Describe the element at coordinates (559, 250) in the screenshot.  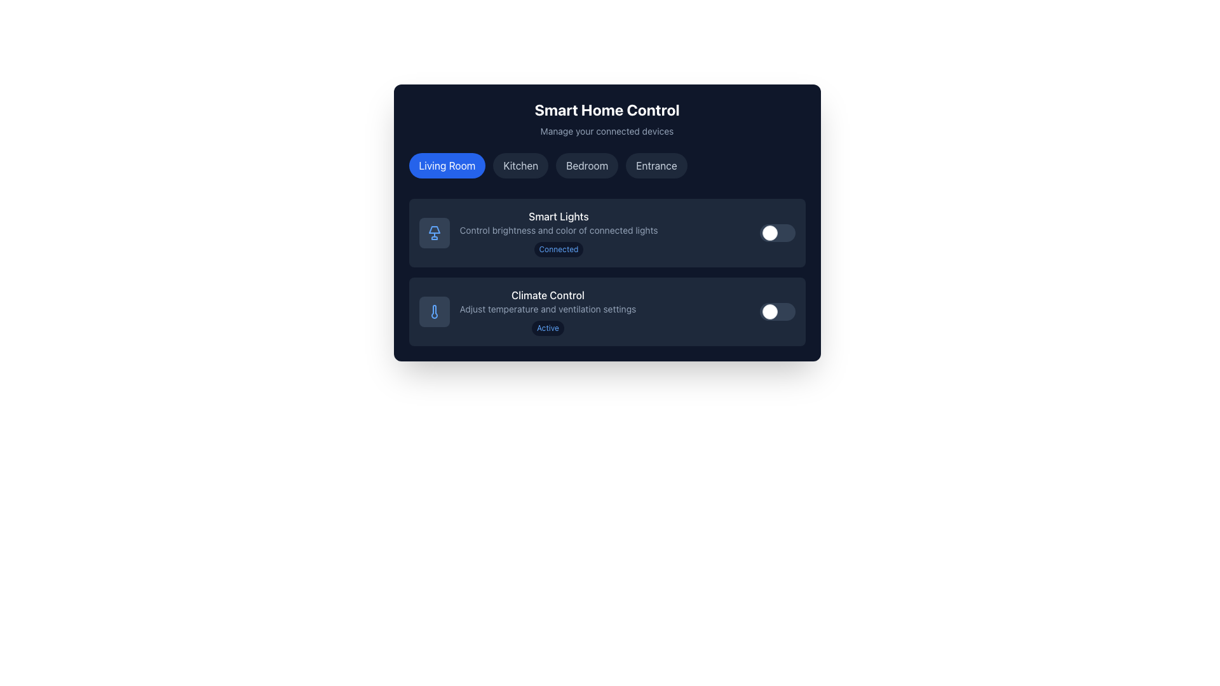
I see `the Badge label indicating the connection status of the 'Smart Lights' device, which shows that it is currently connected` at that location.